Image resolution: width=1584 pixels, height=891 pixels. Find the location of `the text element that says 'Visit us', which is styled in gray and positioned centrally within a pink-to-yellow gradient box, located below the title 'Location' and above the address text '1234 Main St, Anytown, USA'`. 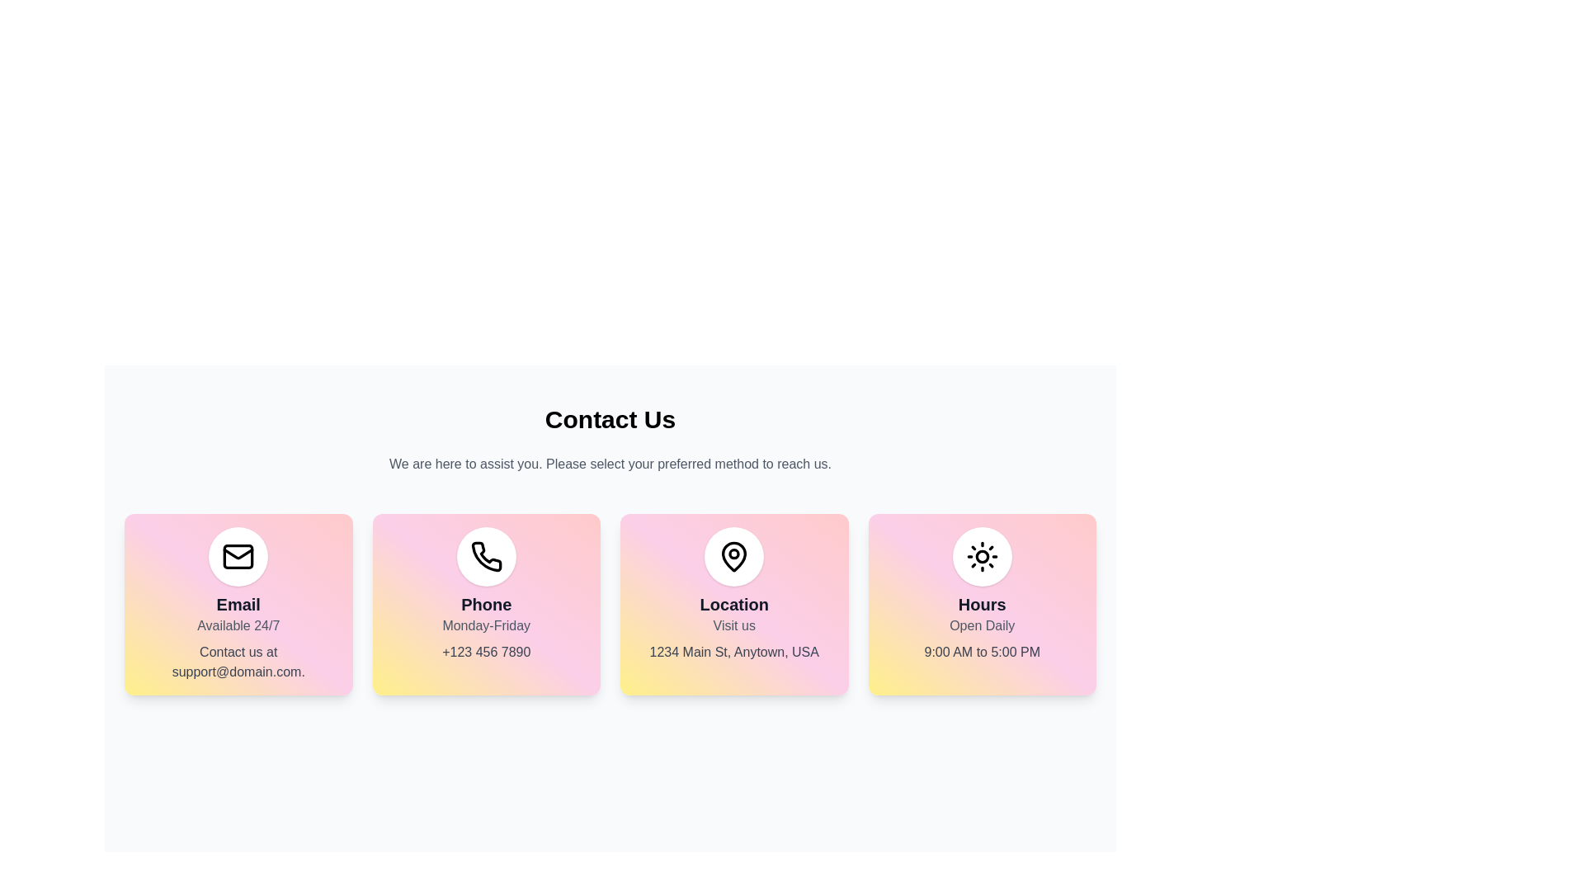

the text element that says 'Visit us', which is styled in gray and positioned centrally within a pink-to-yellow gradient box, located below the title 'Location' and above the address text '1234 Main St, Anytown, USA' is located at coordinates (733, 626).